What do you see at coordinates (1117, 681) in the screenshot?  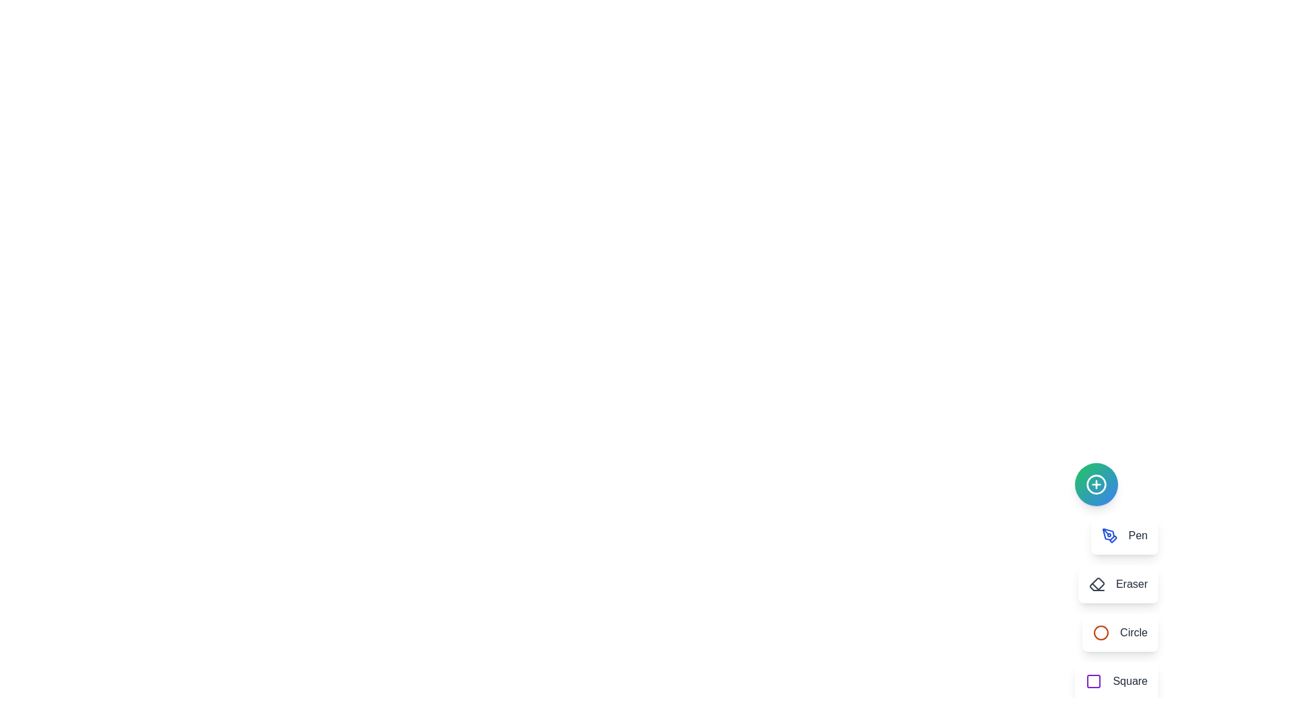 I see `the Square button to select the corresponding drawing tool` at bounding box center [1117, 681].